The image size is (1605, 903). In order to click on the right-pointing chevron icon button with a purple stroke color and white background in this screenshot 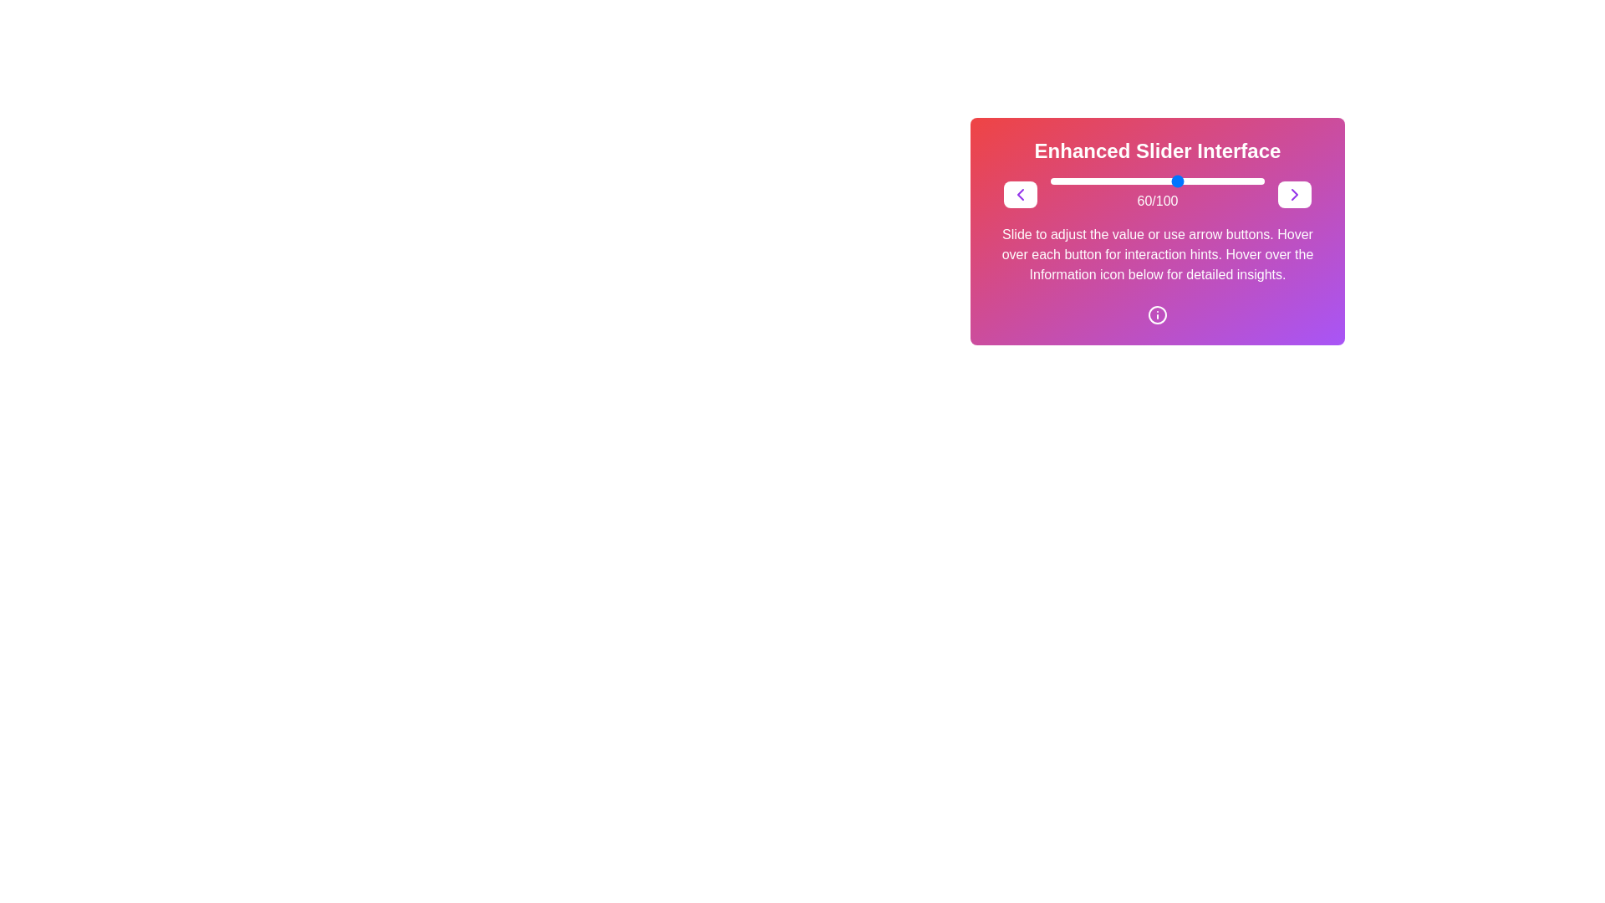, I will do `click(1294, 193)`.